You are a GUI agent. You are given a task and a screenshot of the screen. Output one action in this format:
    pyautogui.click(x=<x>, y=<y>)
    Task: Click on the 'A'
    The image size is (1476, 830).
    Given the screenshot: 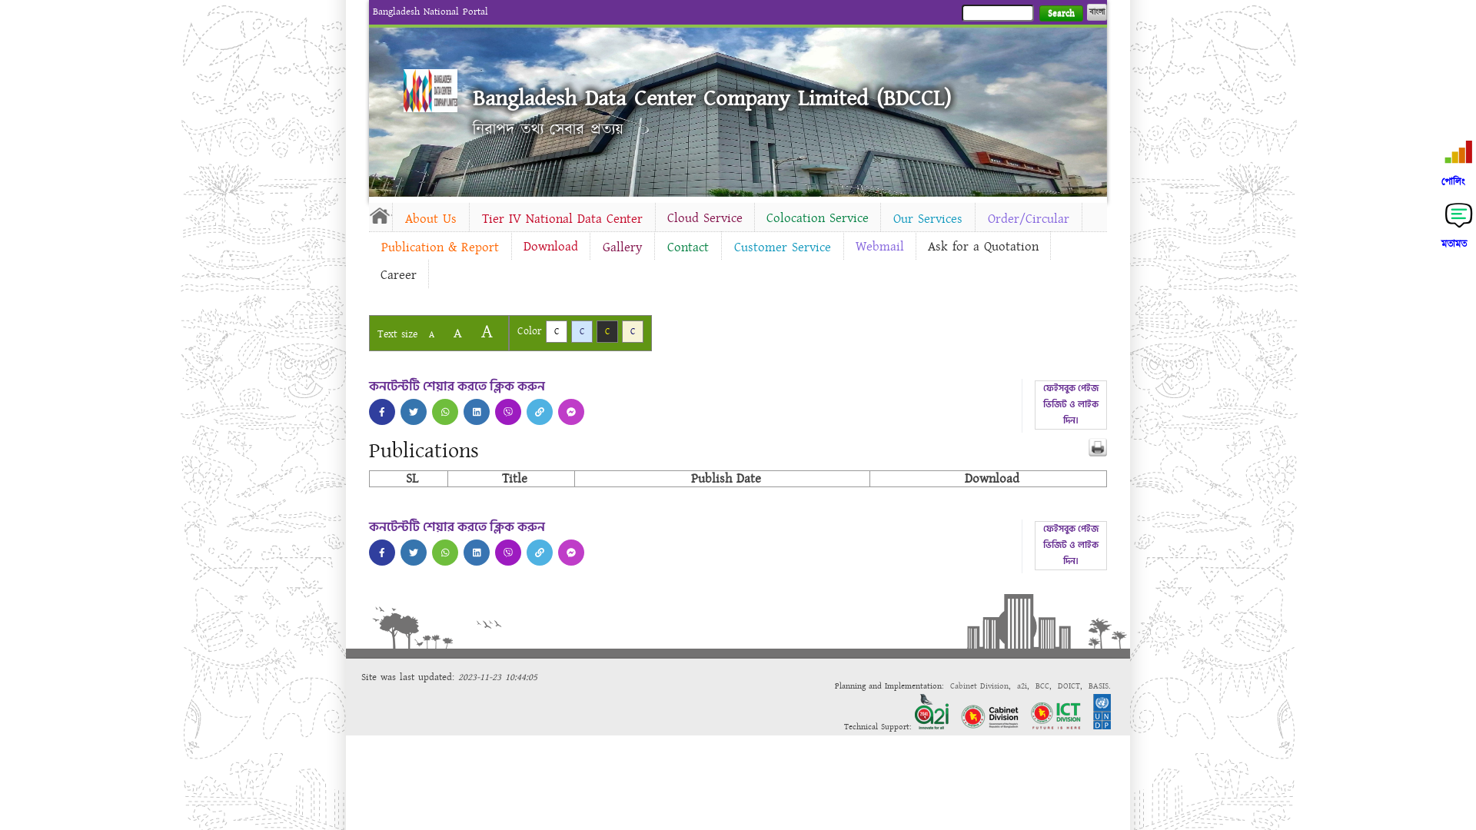 What is the action you would take?
    pyautogui.click(x=430, y=334)
    